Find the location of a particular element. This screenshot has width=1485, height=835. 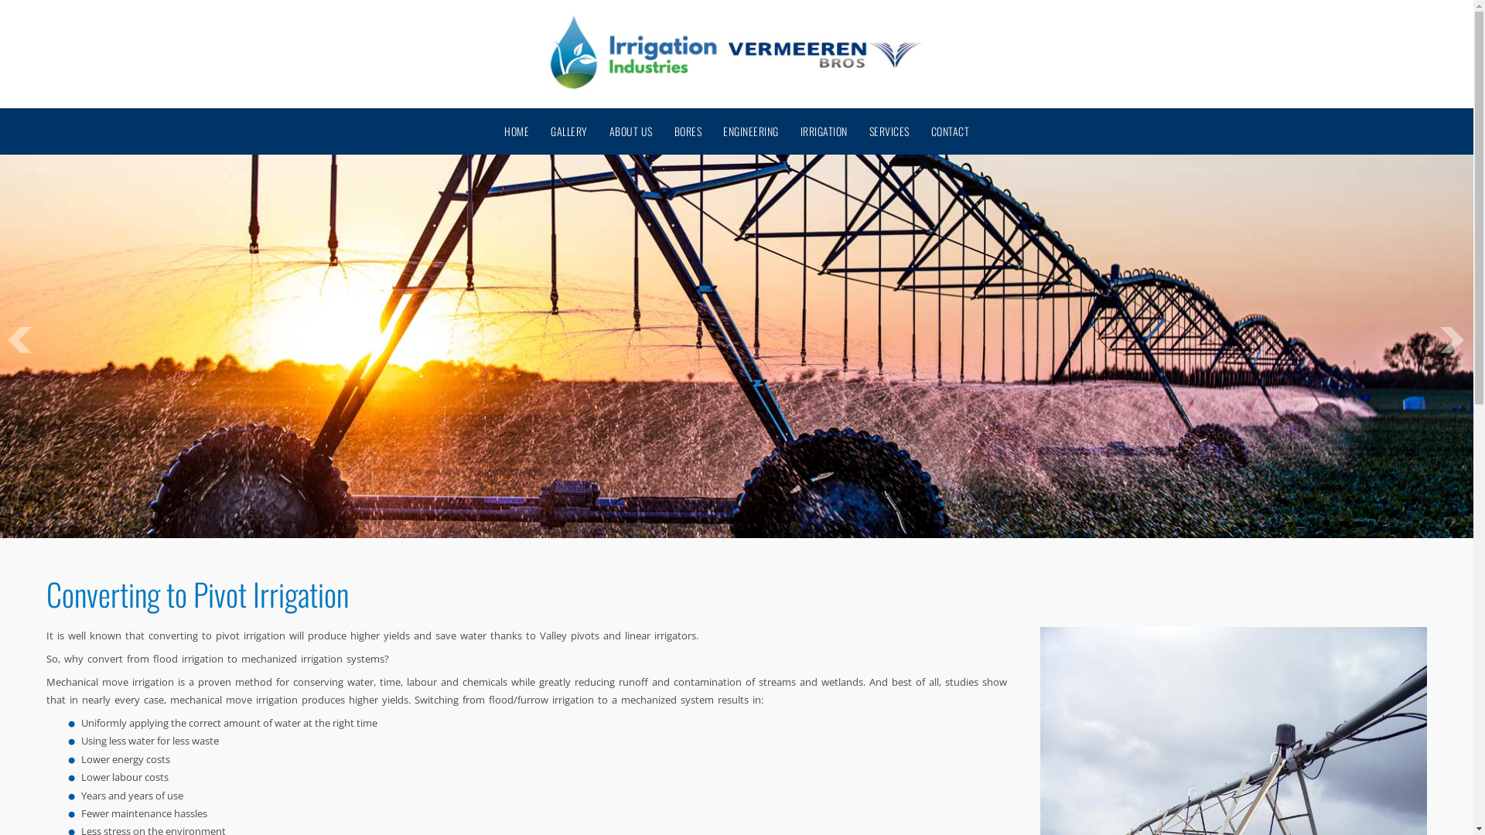

'IRRIGATION' is located at coordinates (822, 130).